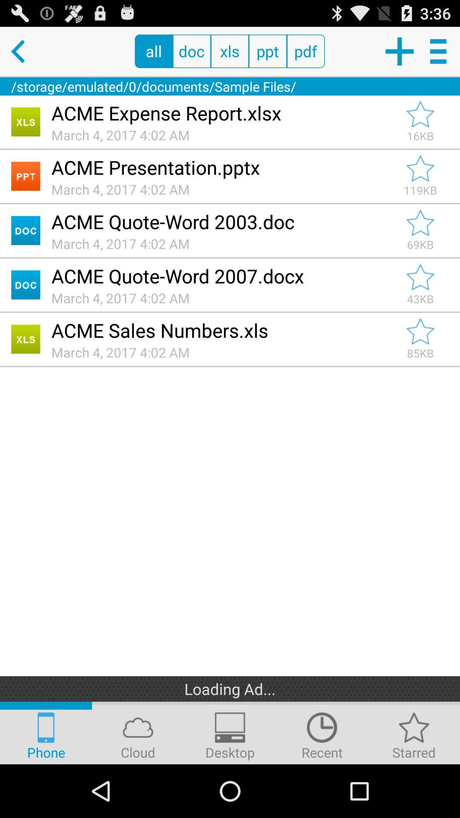  I want to click on to more options more options, so click(440, 51).